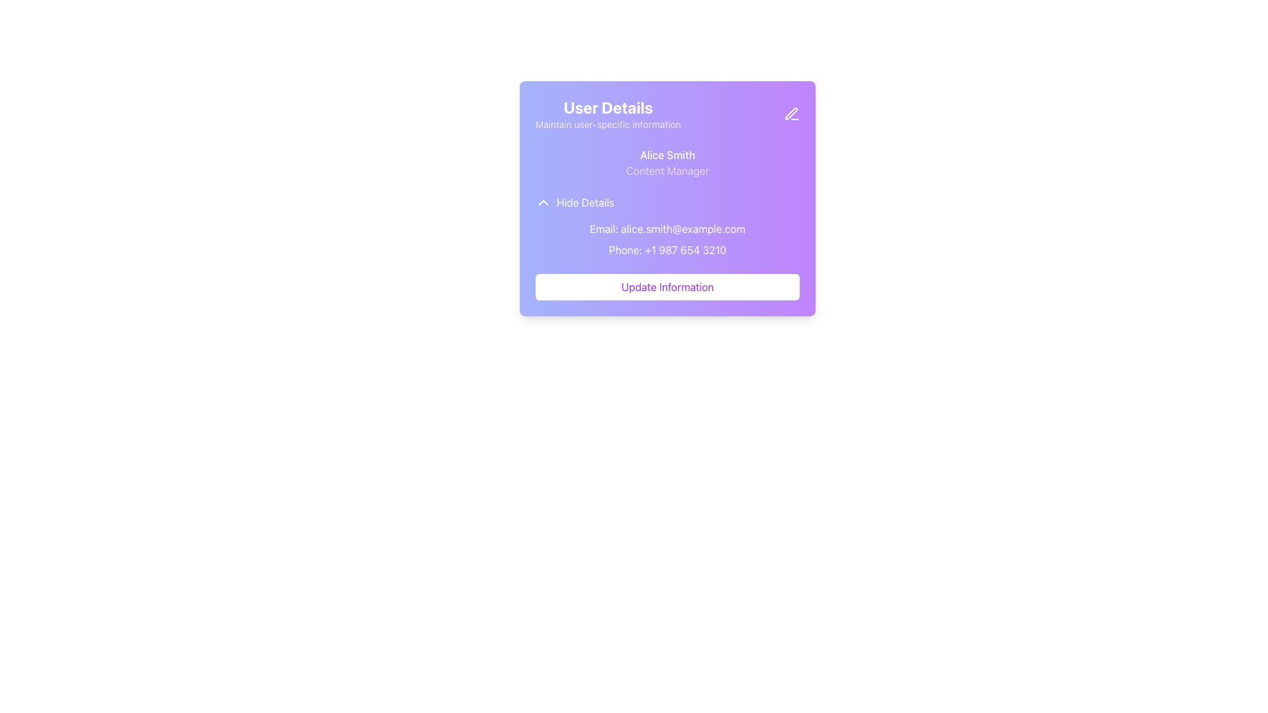 The image size is (1268, 713). I want to click on the upward-pointing chevron icon located to the left of the 'Hide Details' label, so click(543, 203).